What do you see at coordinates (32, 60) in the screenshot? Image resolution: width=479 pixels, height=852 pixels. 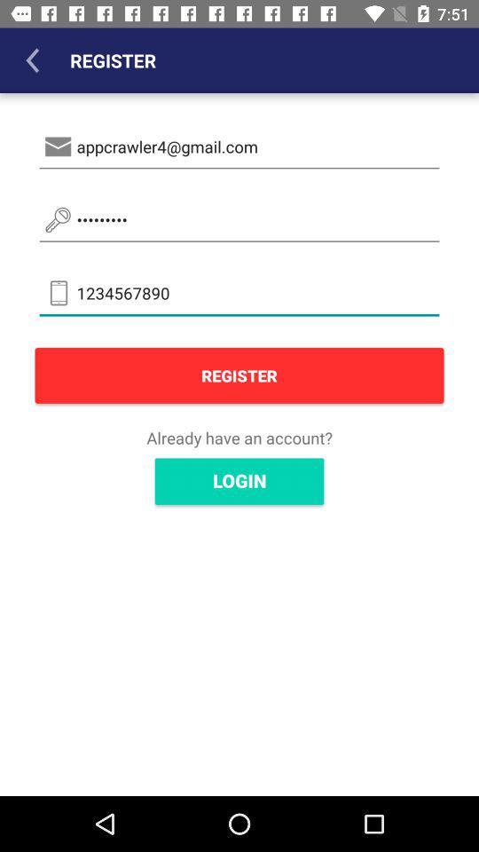 I see `the item above the appcrawler4@gmail.com icon` at bounding box center [32, 60].